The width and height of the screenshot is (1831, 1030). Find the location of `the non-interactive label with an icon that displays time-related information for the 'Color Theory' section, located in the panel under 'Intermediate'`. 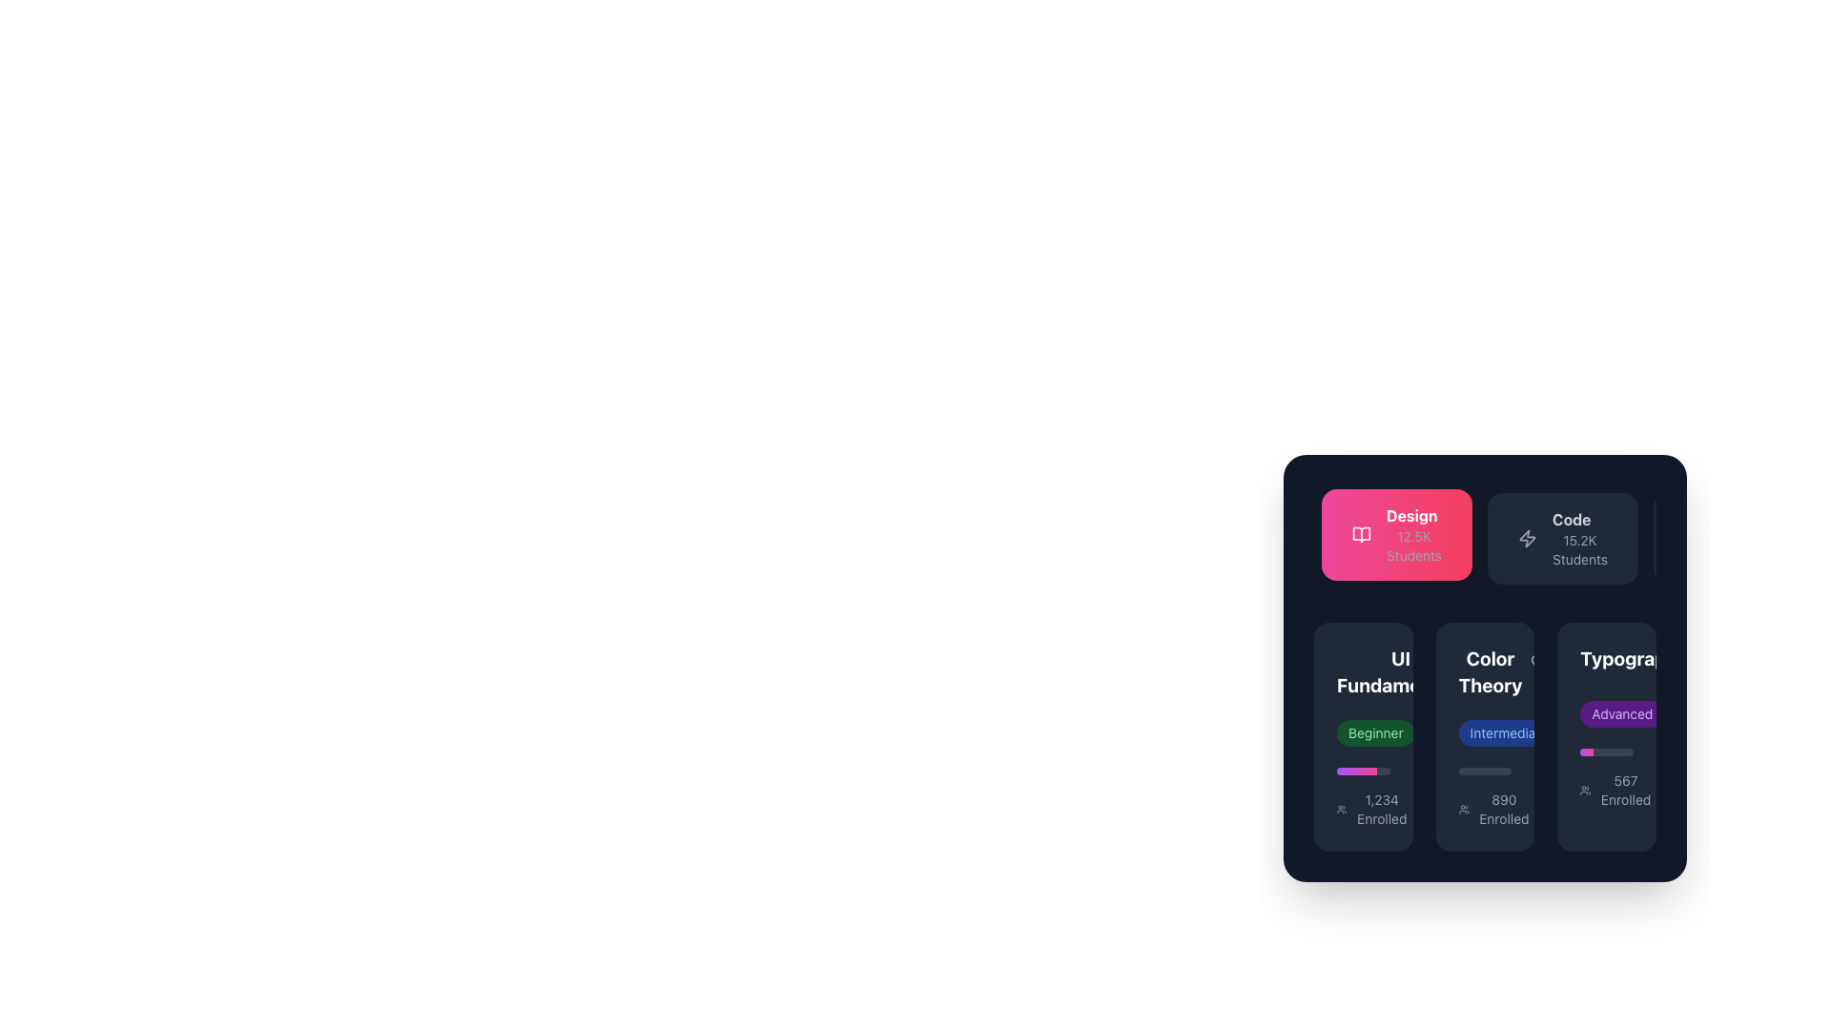

the non-interactive label with an icon that displays time-related information for the 'Color Theory' section, located in the panel under 'Intermediate' is located at coordinates (1451, 731).